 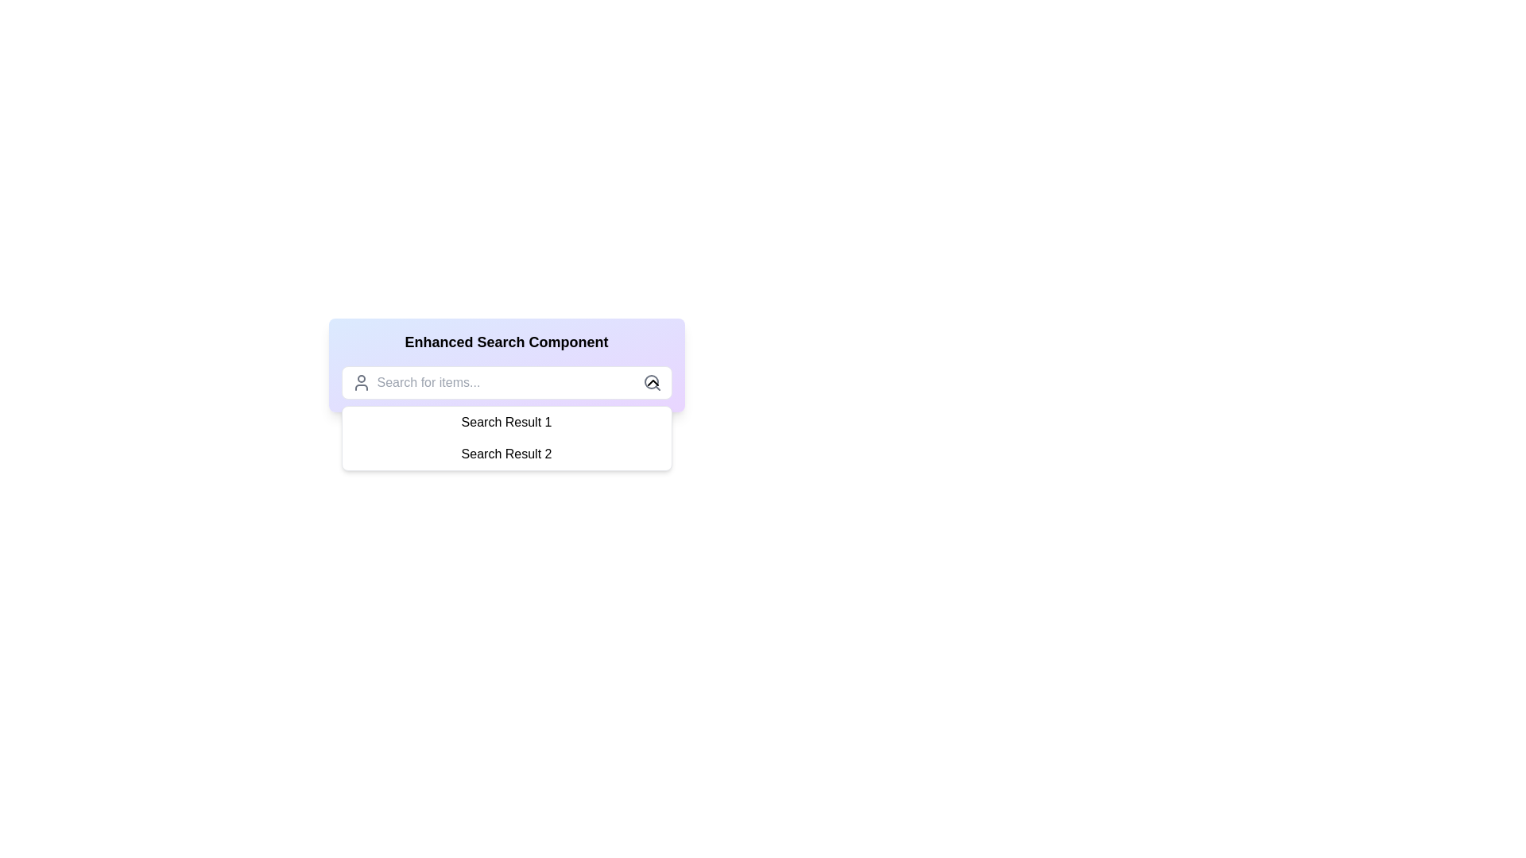 What do you see at coordinates (505, 454) in the screenshot?
I see `the text entry labeled 'Search Result 2' in the dropdown list to change its background color` at bounding box center [505, 454].